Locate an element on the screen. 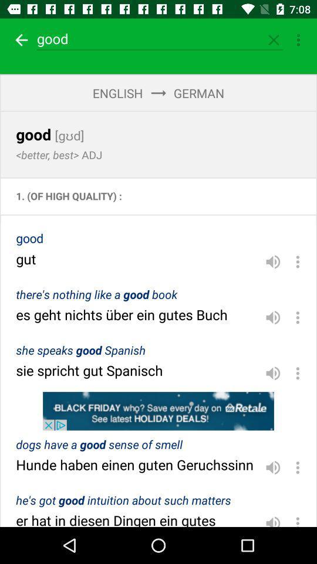  settings is located at coordinates (298, 468).